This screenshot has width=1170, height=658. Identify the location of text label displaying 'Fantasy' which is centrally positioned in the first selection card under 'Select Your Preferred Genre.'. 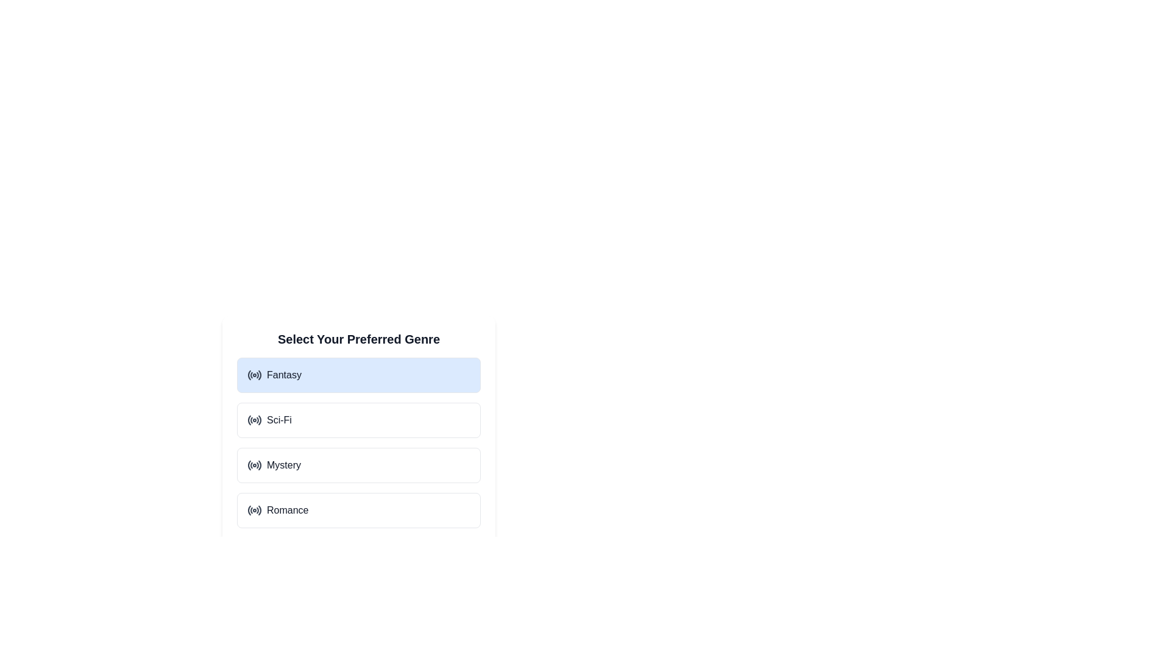
(283, 375).